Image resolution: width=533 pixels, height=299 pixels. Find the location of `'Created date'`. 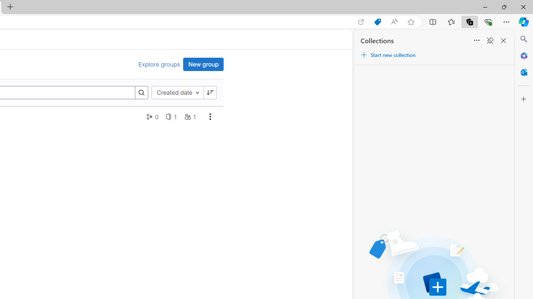

'Created date' is located at coordinates (177, 92).